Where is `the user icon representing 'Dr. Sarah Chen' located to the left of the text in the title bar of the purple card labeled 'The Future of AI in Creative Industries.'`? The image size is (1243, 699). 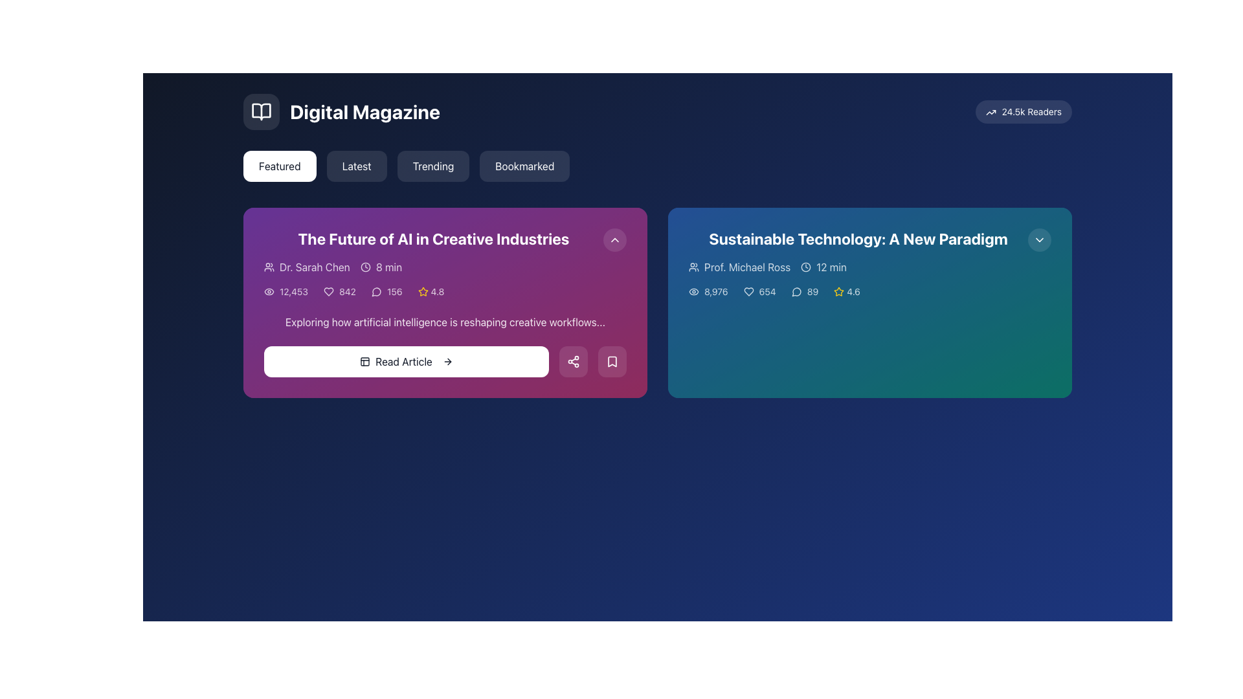 the user icon representing 'Dr. Sarah Chen' located to the left of the text in the title bar of the purple card labeled 'The Future of AI in Creative Industries.' is located at coordinates (269, 266).